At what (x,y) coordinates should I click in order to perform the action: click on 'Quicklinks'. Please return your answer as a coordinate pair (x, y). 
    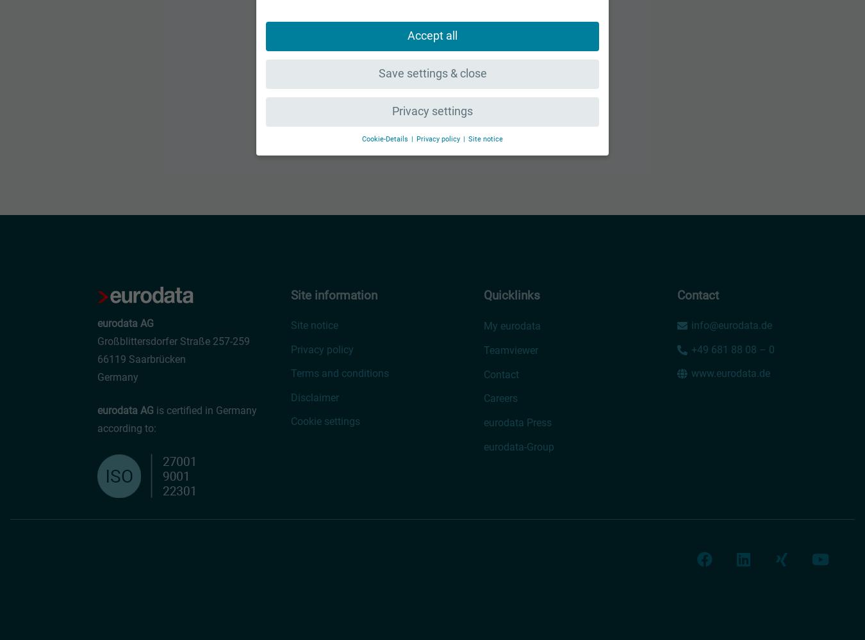
    Looking at the image, I should click on (483, 294).